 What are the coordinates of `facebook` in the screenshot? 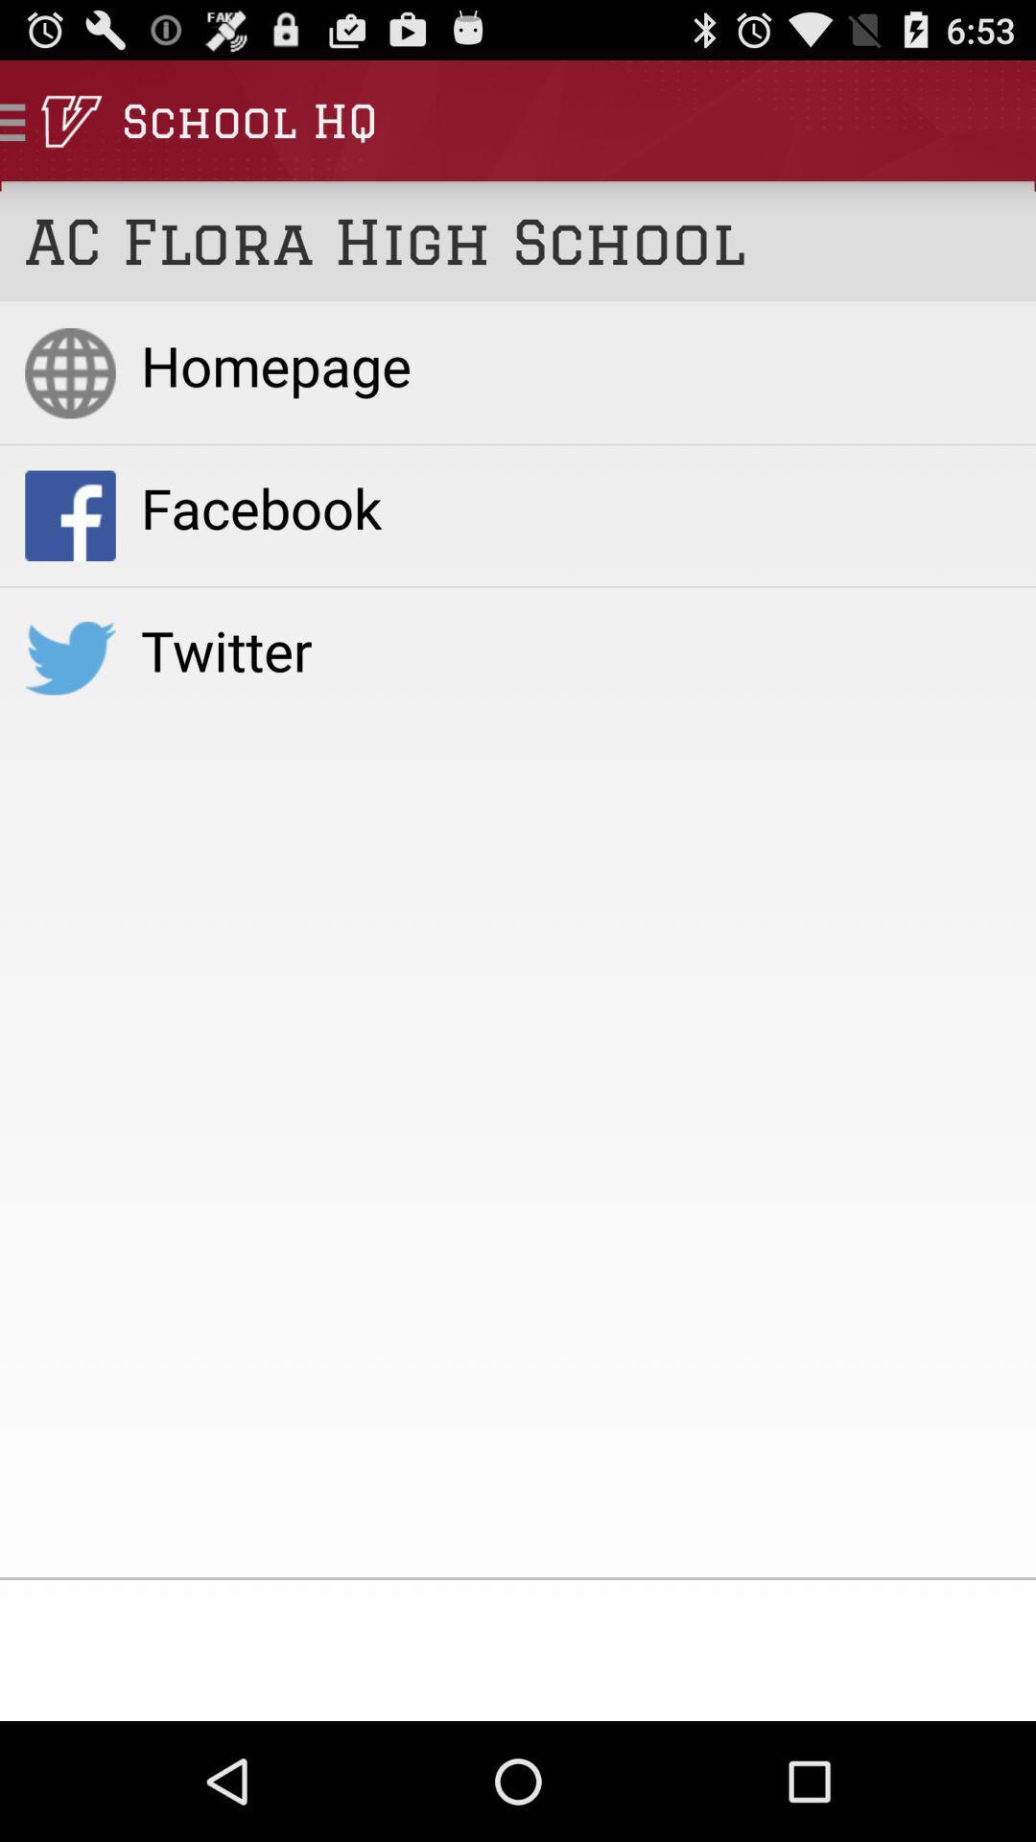 It's located at (575, 508).